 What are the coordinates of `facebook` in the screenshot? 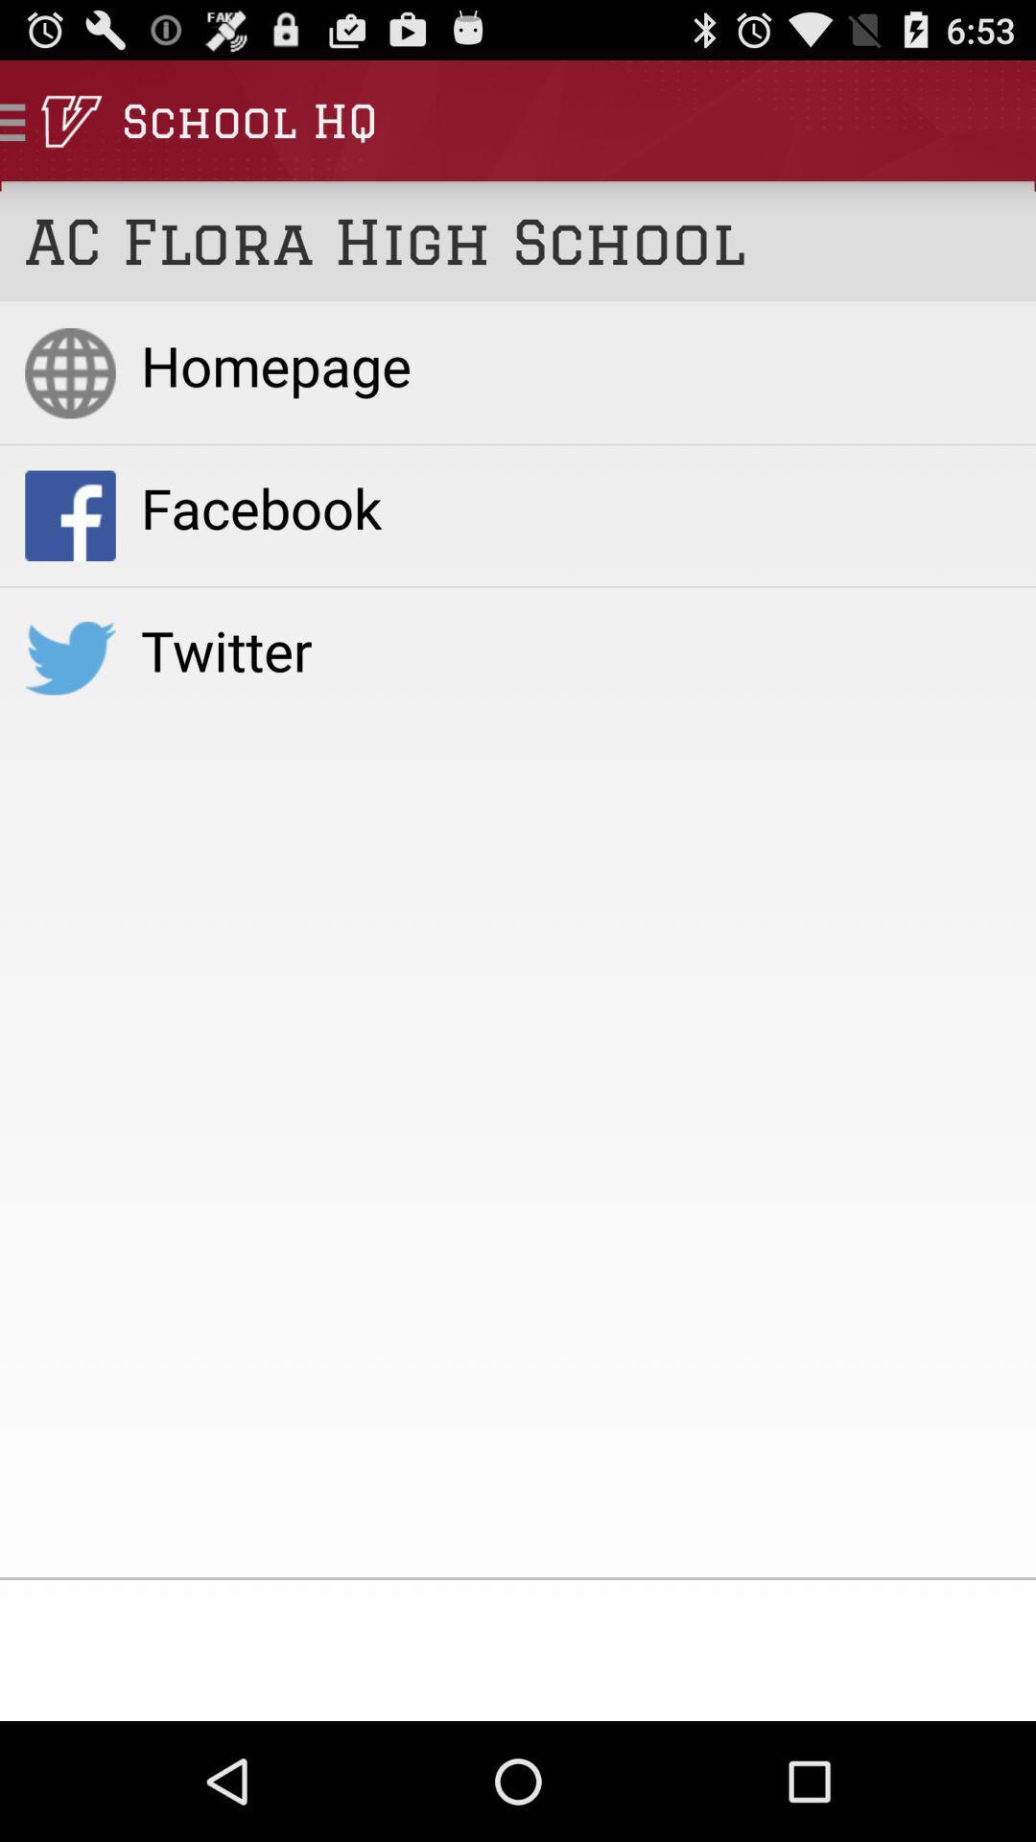 It's located at (575, 508).